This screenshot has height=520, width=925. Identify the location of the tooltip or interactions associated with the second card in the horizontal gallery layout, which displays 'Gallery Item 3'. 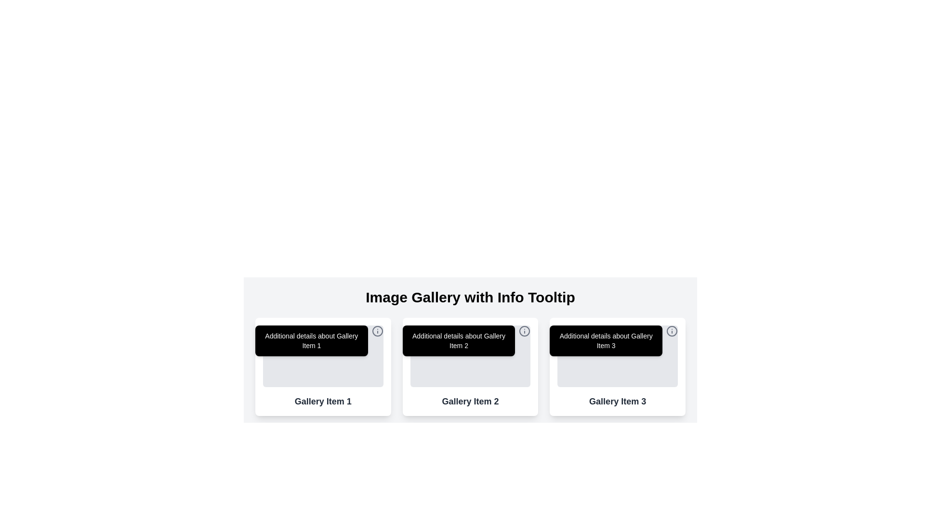
(470, 367).